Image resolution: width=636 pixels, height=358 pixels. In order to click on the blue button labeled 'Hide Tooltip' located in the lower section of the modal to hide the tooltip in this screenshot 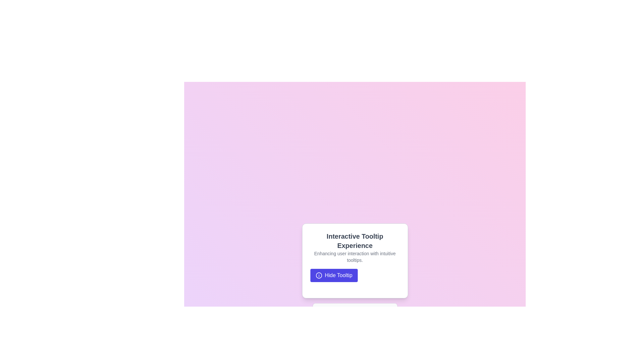, I will do `click(334, 275)`.